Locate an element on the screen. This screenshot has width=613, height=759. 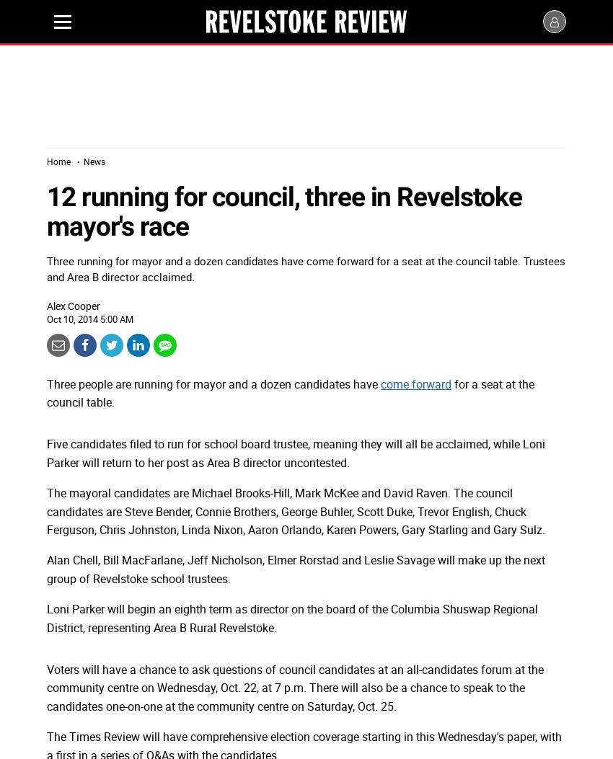
'Loni Parker will begin an eighth term as director on the board of the Columbia Shuswap Regional District, representing Area B Rural Revelstoke.' is located at coordinates (47, 617).